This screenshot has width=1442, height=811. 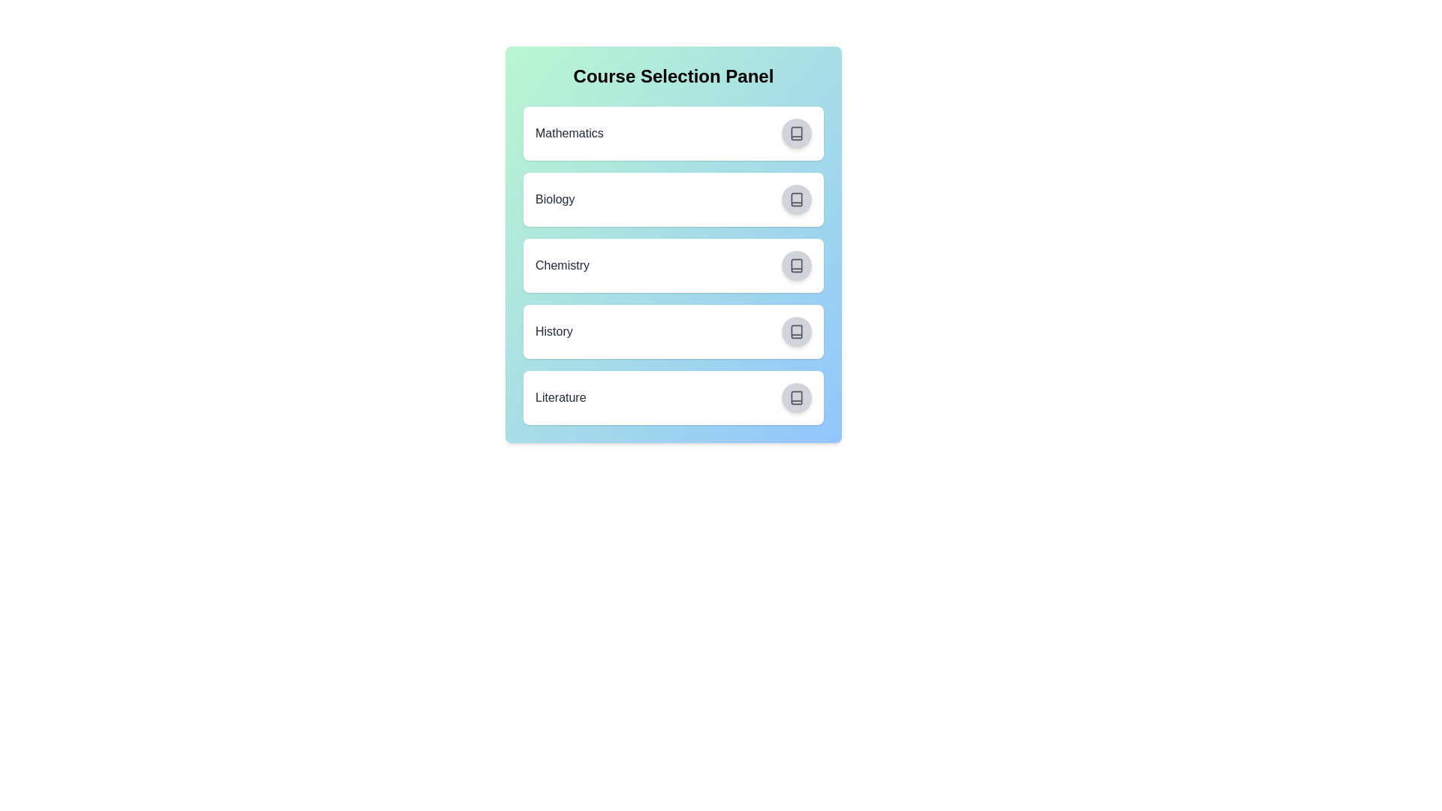 What do you see at coordinates (795, 132) in the screenshot?
I see `the course Mathematics by clicking its associated button` at bounding box center [795, 132].